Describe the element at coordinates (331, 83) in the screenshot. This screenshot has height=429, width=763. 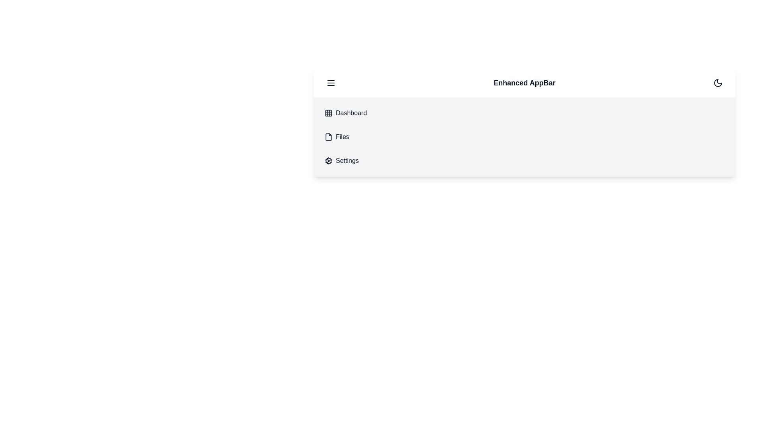
I see `the menu toggle button to toggle the menu visibility` at that location.